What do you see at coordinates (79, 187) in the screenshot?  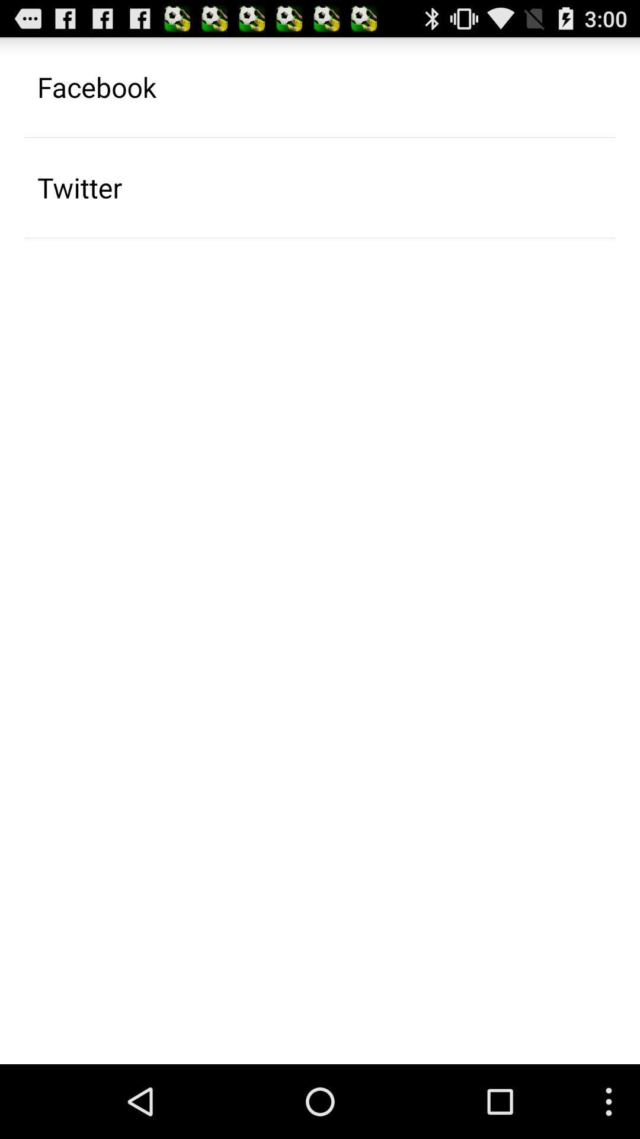 I see `the twitter icon` at bounding box center [79, 187].